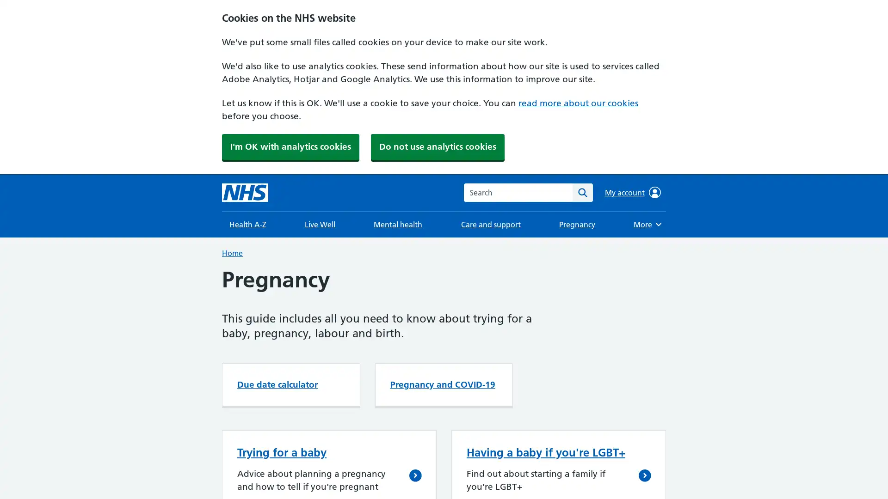 This screenshot has width=888, height=499. Describe the element at coordinates (582, 192) in the screenshot. I see `Search` at that location.